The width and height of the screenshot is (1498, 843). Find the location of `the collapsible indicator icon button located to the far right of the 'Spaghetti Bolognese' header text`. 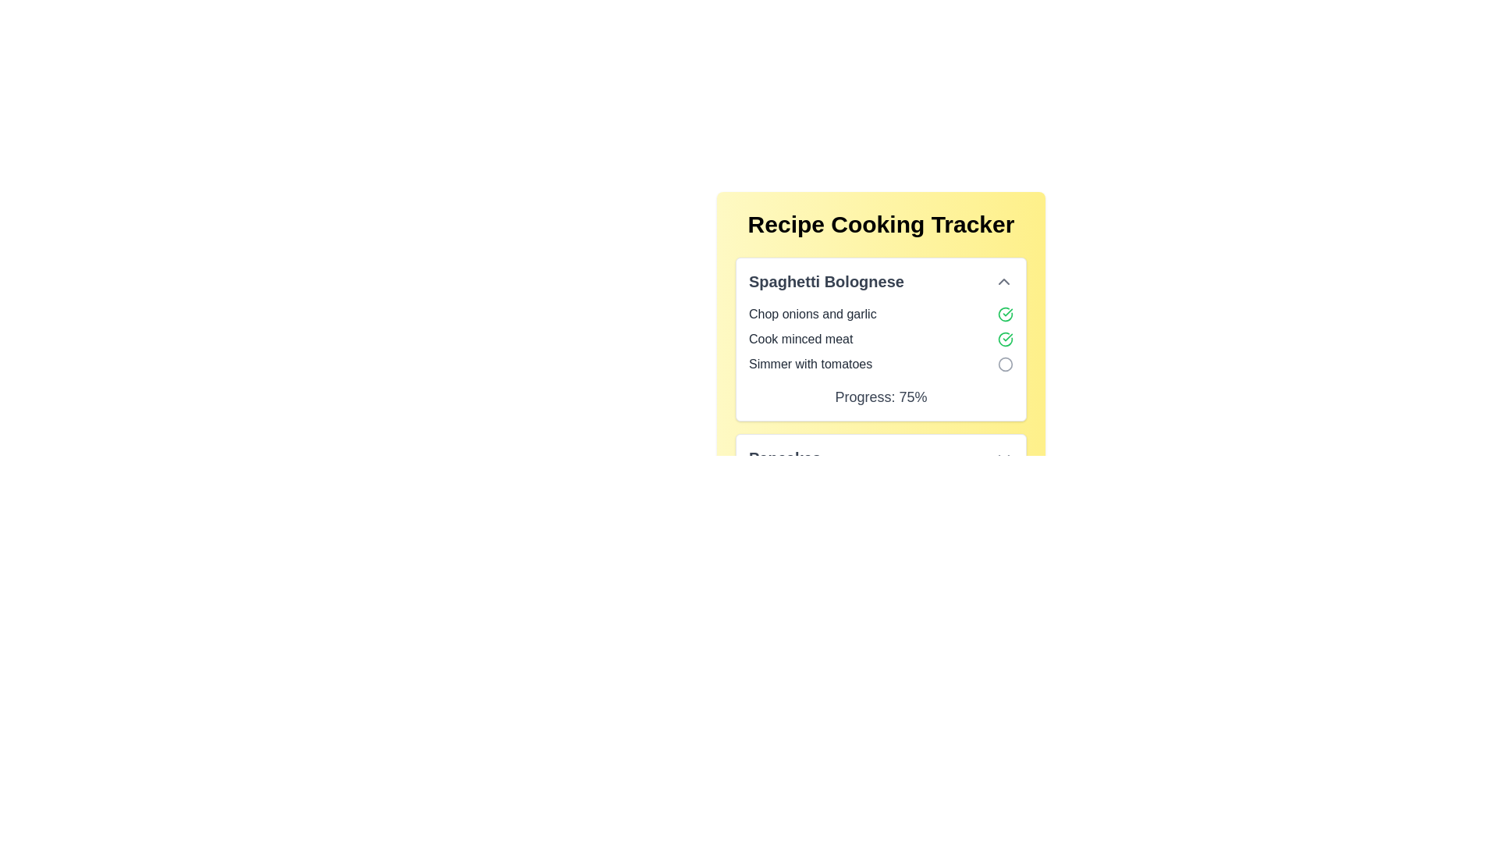

the collapsible indicator icon button located to the far right of the 'Spaghetti Bolognese' header text is located at coordinates (1003, 282).